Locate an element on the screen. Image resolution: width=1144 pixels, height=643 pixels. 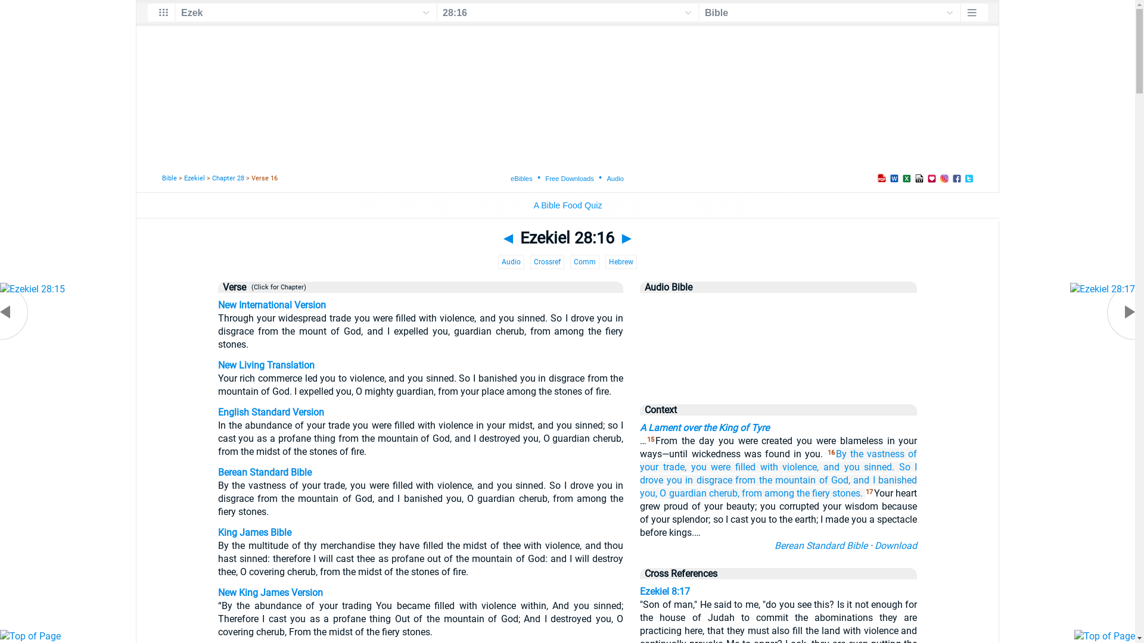
'cherub,' is located at coordinates (709, 493).